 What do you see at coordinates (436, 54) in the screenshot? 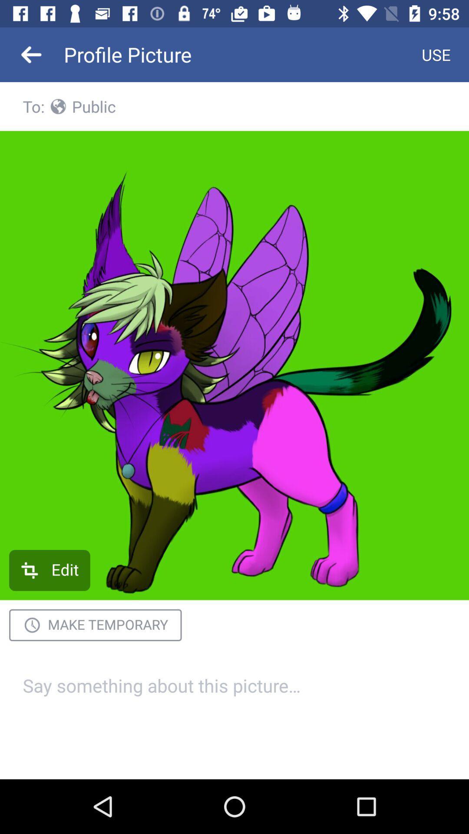
I see `item at the top right corner` at bounding box center [436, 54].